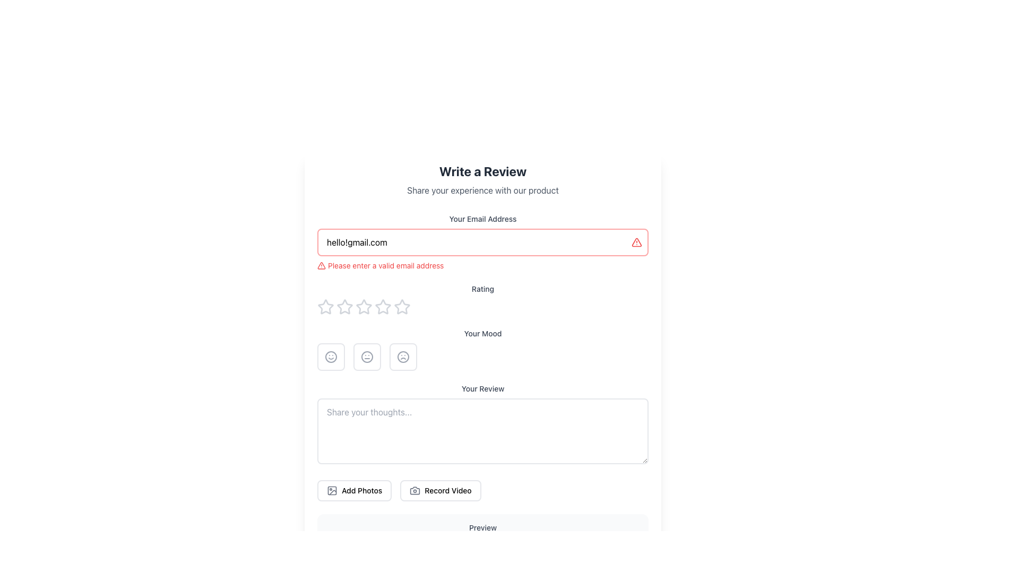  I want to click on the circular mood icon within the SVG's mood selection group, which is represented as an icon component, so click(331, 357).